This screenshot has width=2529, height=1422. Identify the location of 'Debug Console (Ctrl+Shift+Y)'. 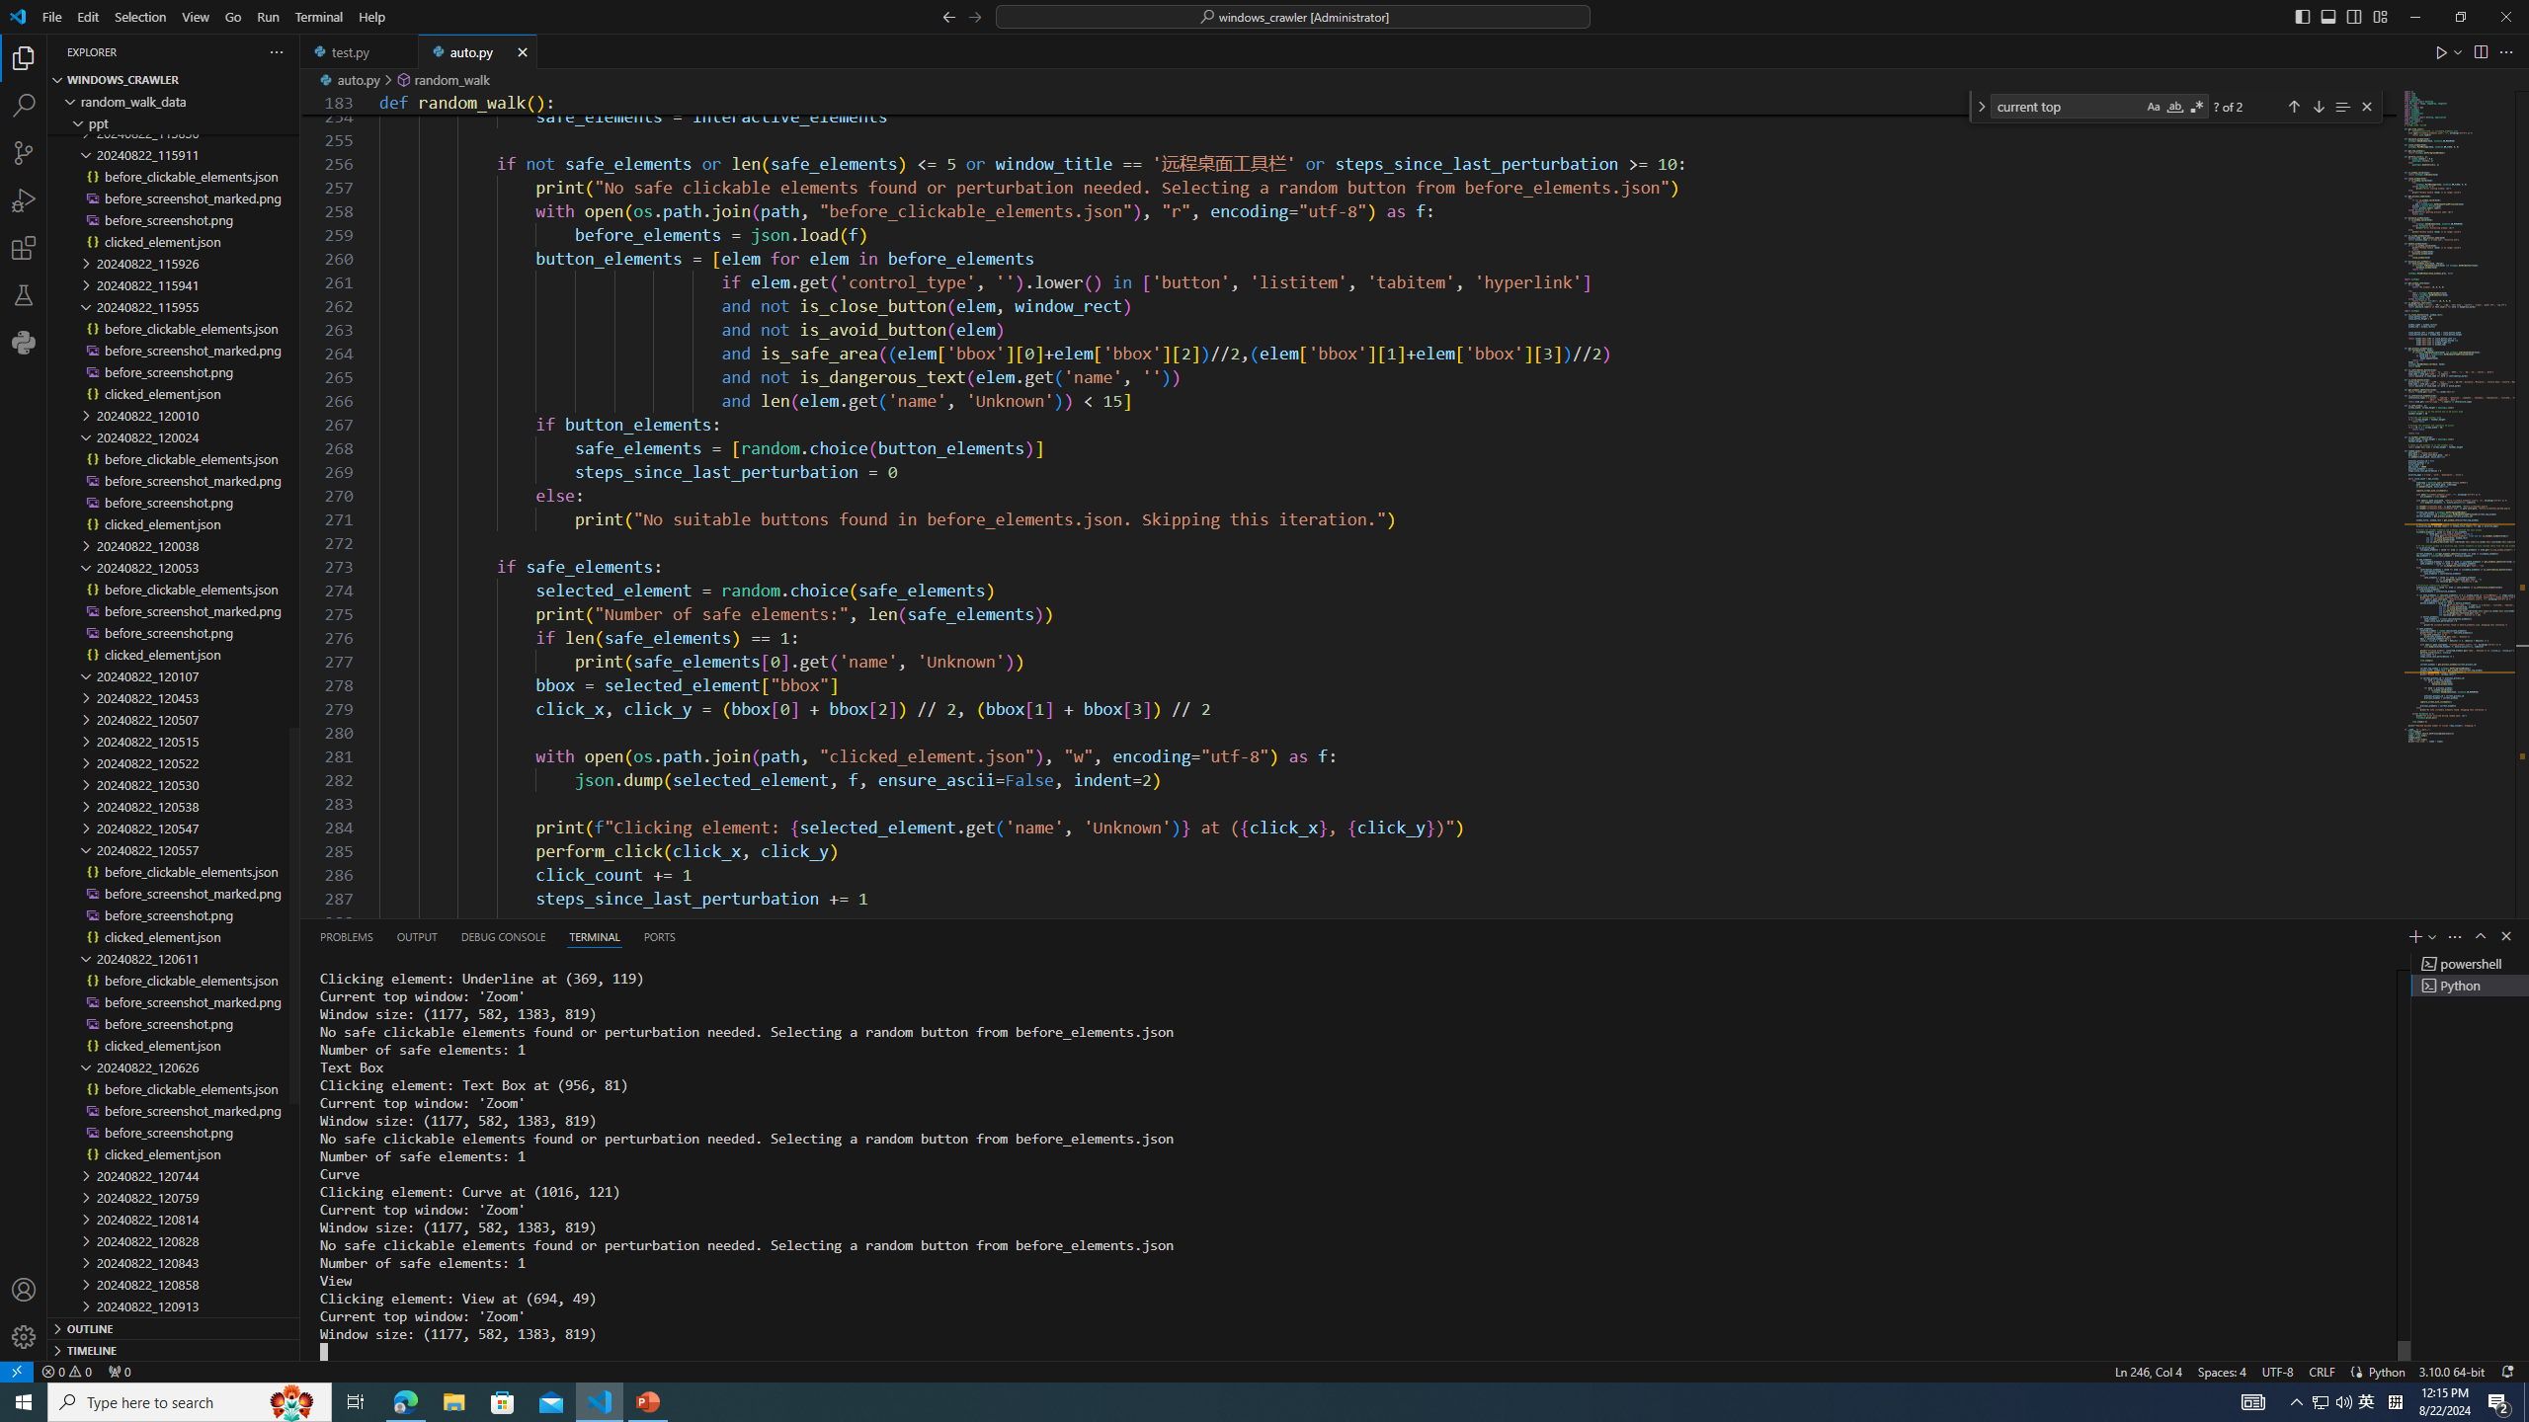
(503, 935).